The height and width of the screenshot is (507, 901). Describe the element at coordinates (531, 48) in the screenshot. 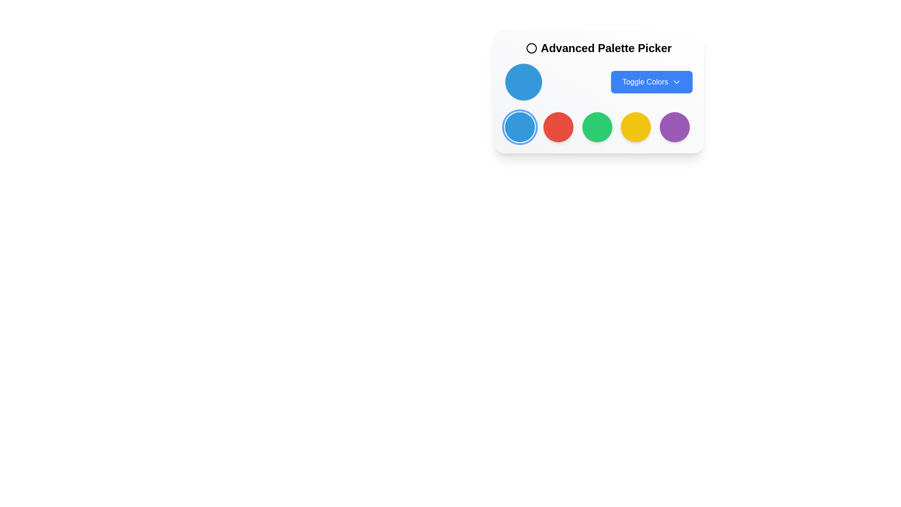

I see `the SVG circle graphic that is part of the icon located to the left of the 'Advanced Palette Picker' label at the top of the UI panel` at that location.